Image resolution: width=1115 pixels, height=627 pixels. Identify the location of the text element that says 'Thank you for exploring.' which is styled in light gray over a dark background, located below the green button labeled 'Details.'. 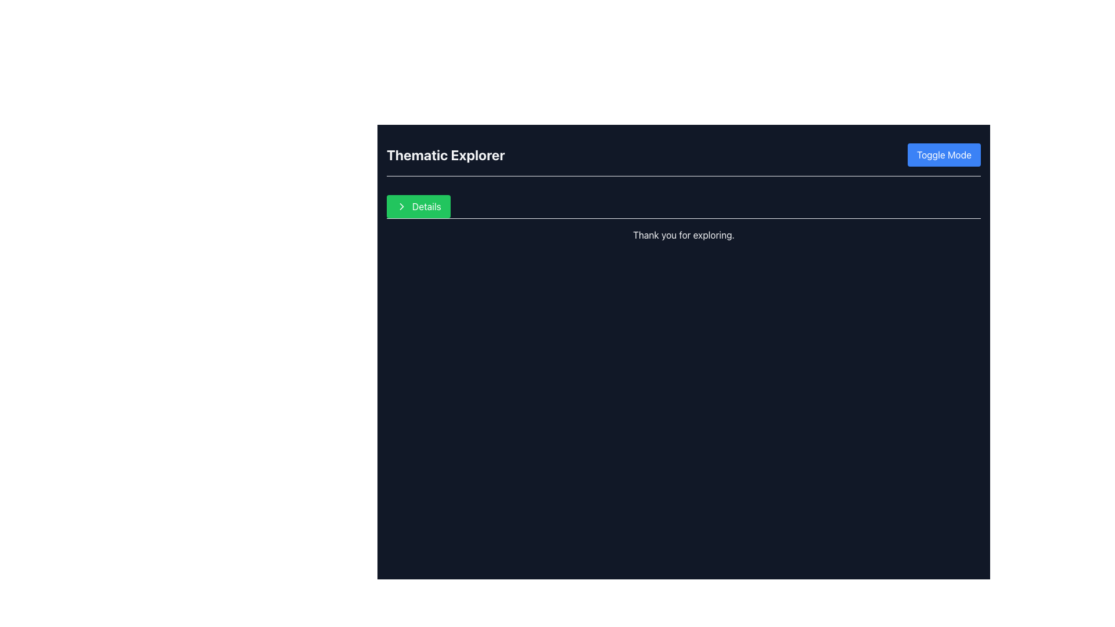
(684, 235).